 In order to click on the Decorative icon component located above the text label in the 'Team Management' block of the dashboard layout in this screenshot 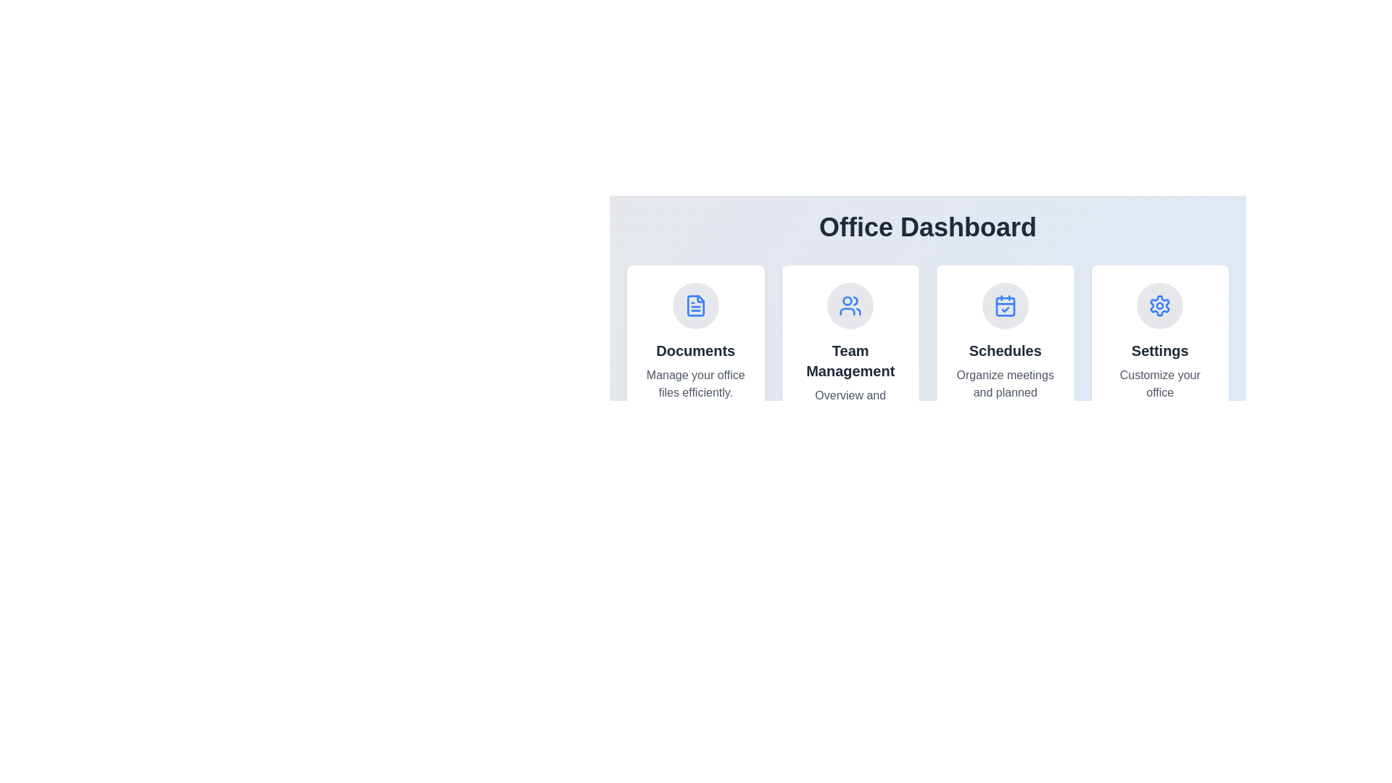, I will do `click(848, 300)`.